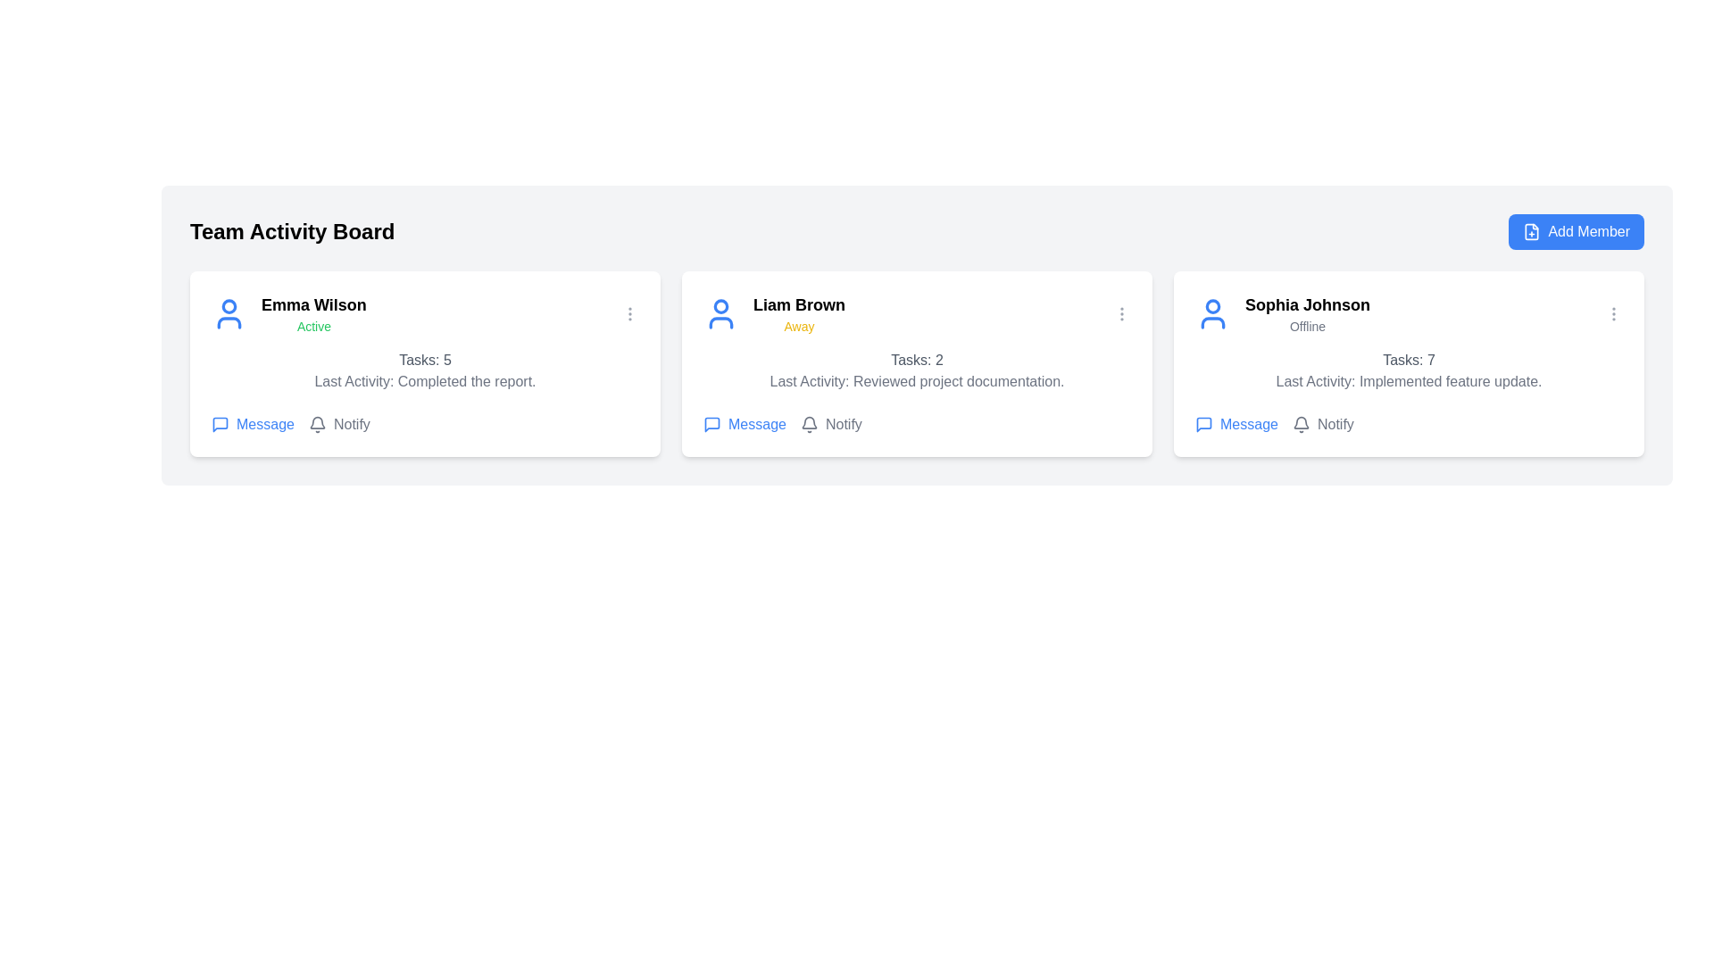  I want to click on the notification bell icon associated with 'Liam Brown', so click(809, 422).